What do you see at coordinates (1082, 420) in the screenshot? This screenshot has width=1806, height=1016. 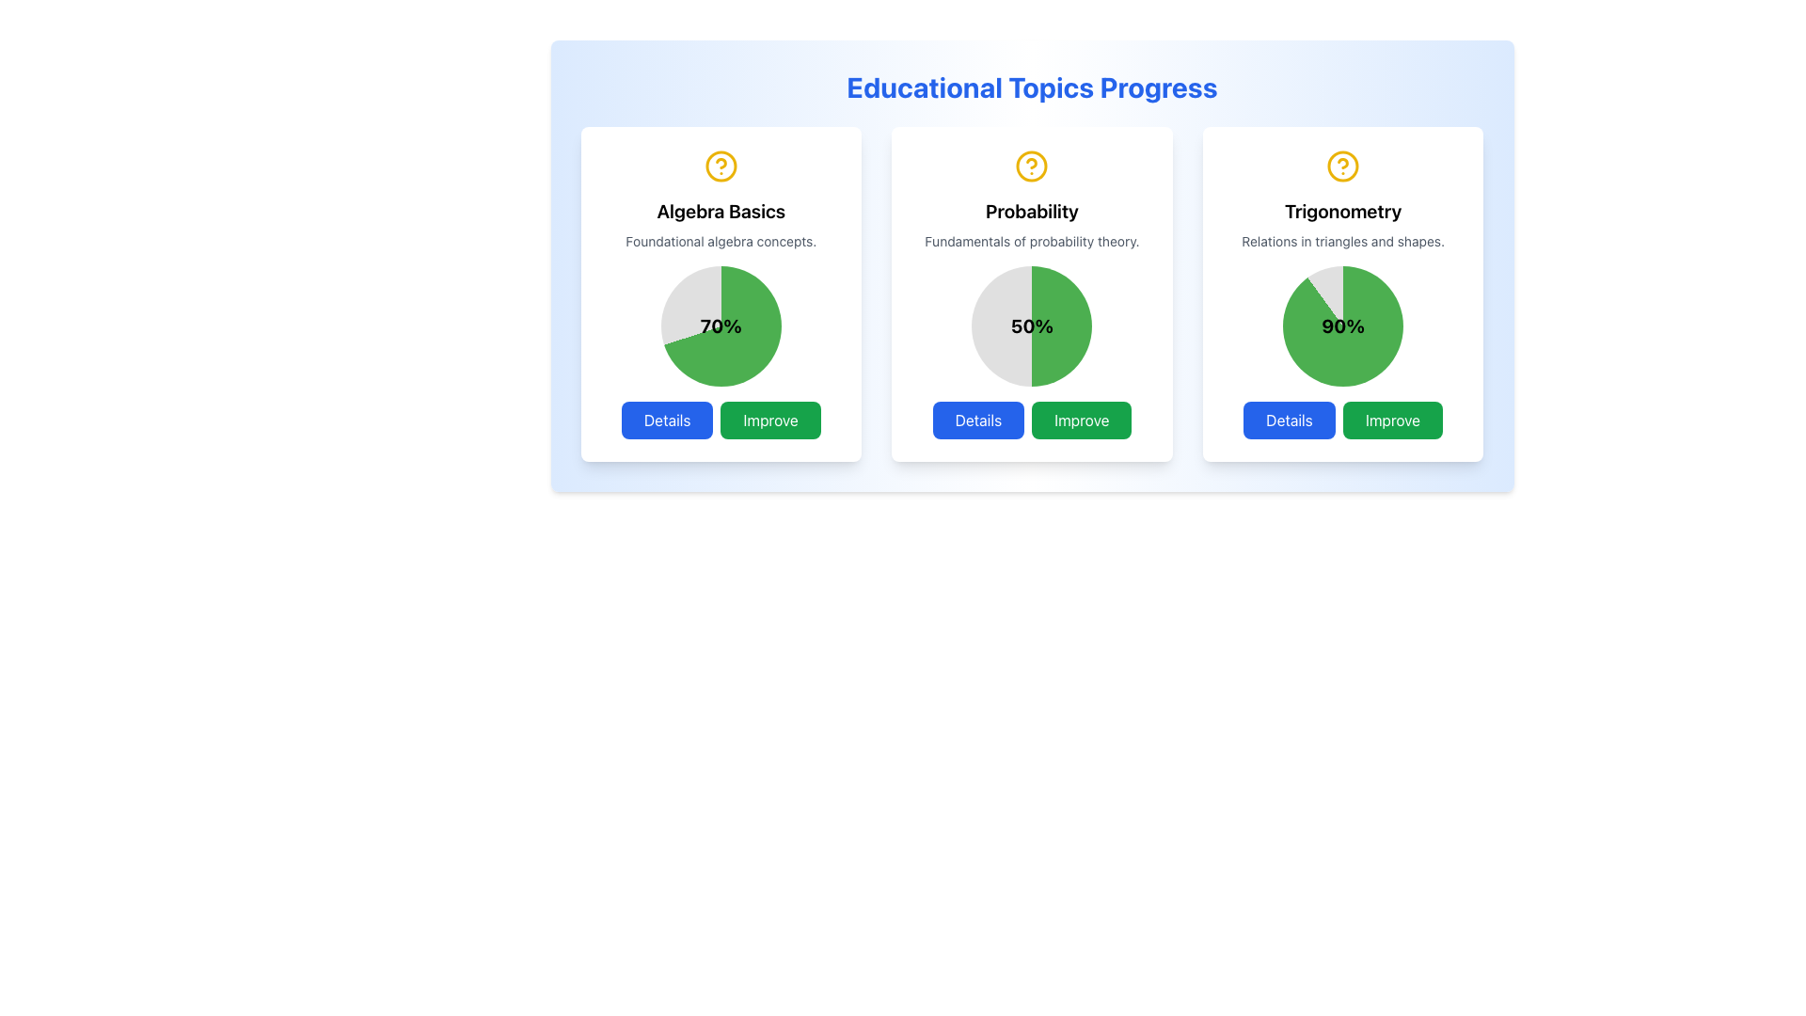 I see `the second button in the lower section of the 'Probability' card, which is located to the right of the 'Details' button, to initiate actions or navigation for improving knowledge in the 'Probability' topic` at bounding box center [1082, 420].